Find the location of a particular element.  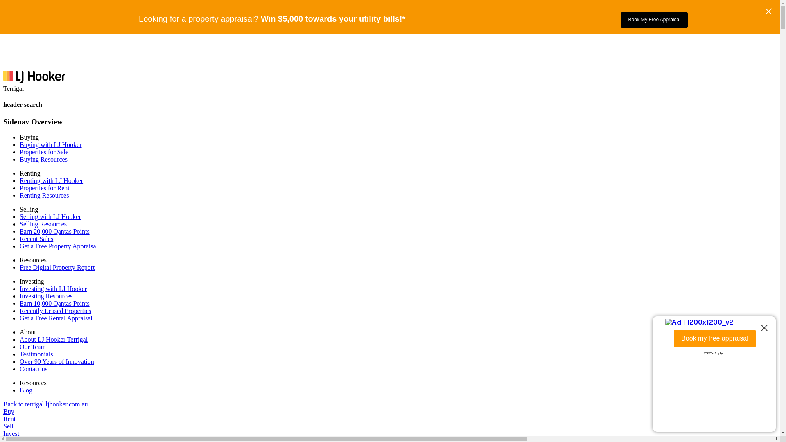

'Back to terrigal.ljhooker.com.au' is located at coordinates (45, 404).